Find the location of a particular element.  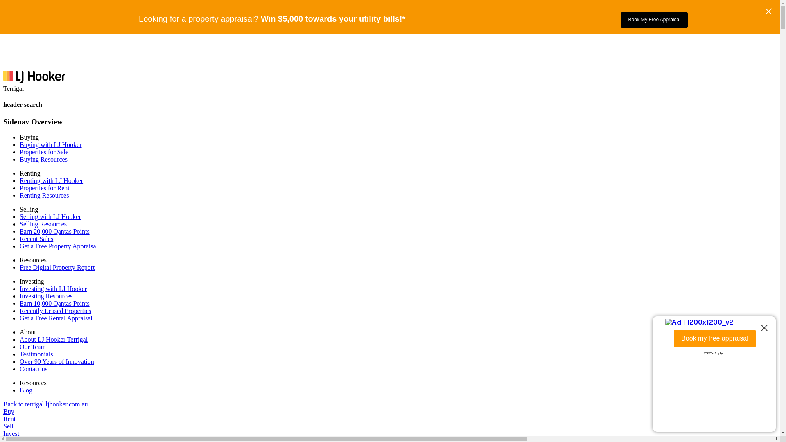

'Back to terrigal.ljhooker.com.au' is located at coordinates (45, 404).